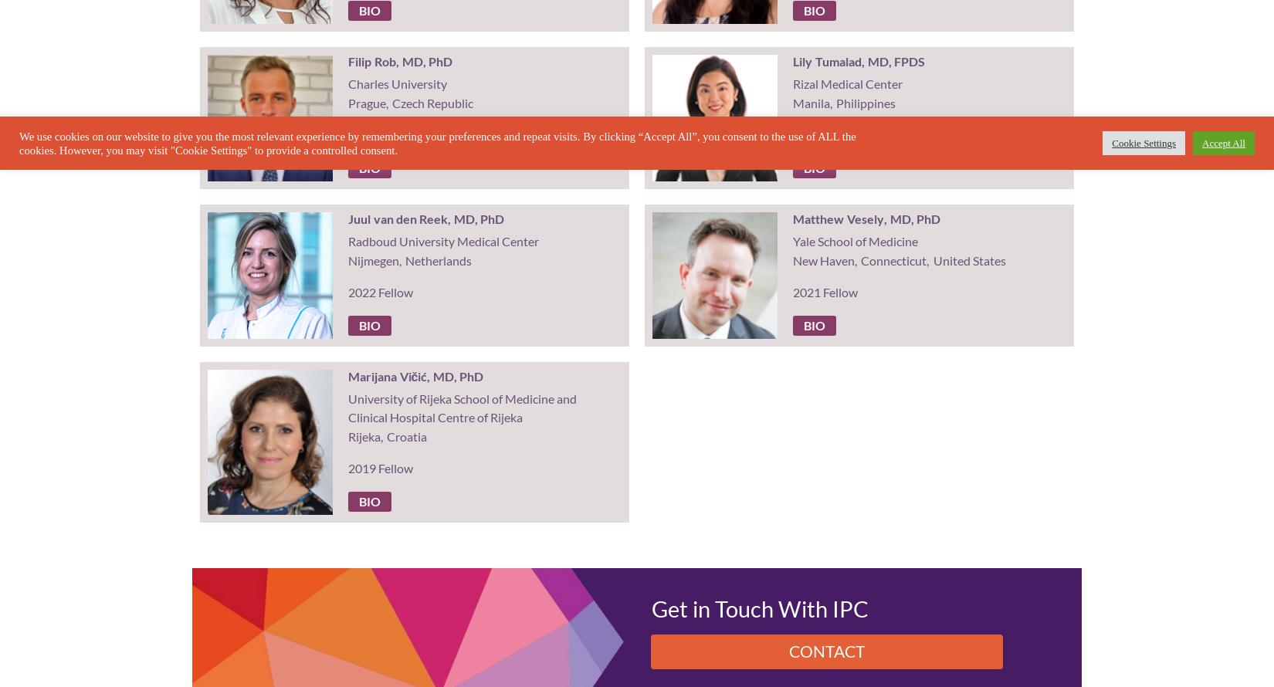 The width and height of the screenshot is (1274, 687). What do you see at coordinates (791, 218) in the screenshot?
I see `'Matthew'` at bounding box center [791, 218].